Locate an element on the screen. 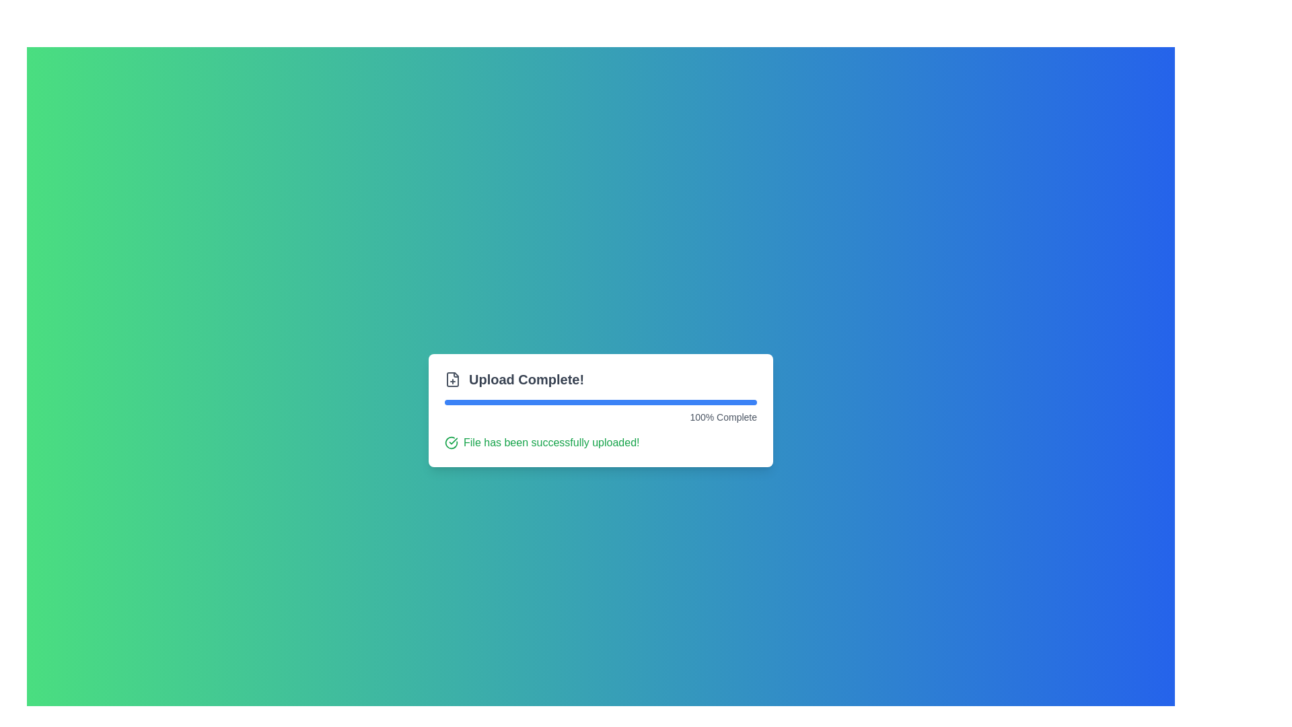 This screenshot has height=727, width=1292. the progress bar that is styled with a gray background and filled with a blue bar, located below the title 'Upload Complete!' and above the text '100% Complete' is located at coordinates (600, 401).